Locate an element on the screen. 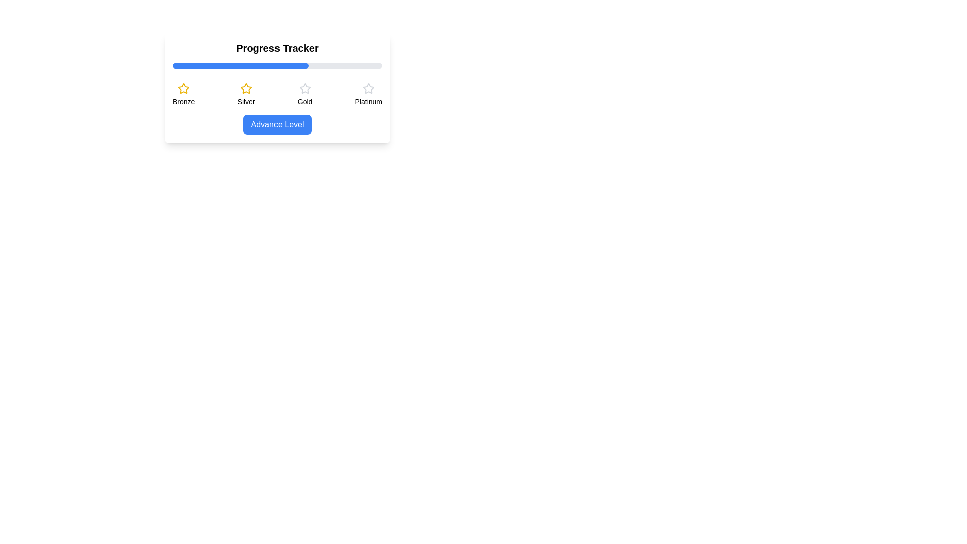 The width and height of the screenshot is (967, 544). the yellow star icon indicating the 'Silver' achievement in the progress tracker, located between the 'Bronze' and 'Gold' icons is located at coordinates (246, 88).